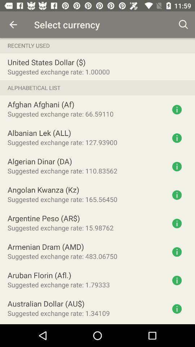  I want to click on algerian dinar information, so click(177, 166).